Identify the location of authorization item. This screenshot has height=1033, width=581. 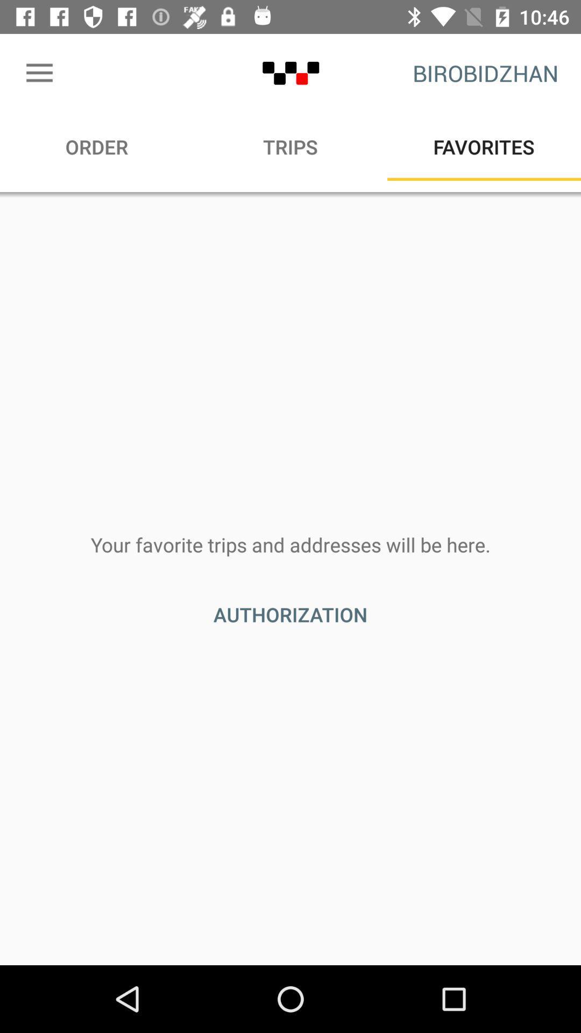
(290, 614).